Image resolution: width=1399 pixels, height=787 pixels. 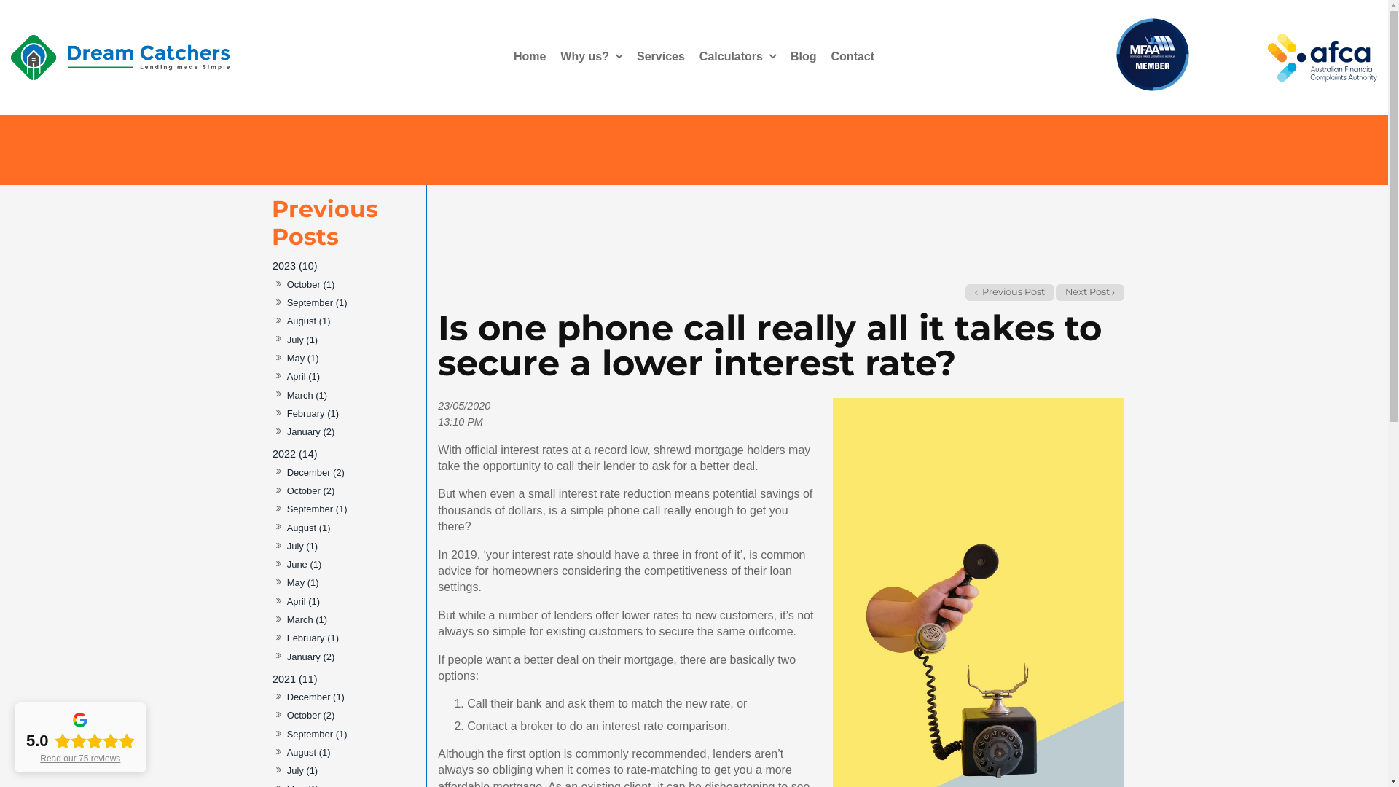 What do you see at coordinates (1009, 292) in the screenshot?
I see `'Previous Post'` at bounding box center [1009, 292].